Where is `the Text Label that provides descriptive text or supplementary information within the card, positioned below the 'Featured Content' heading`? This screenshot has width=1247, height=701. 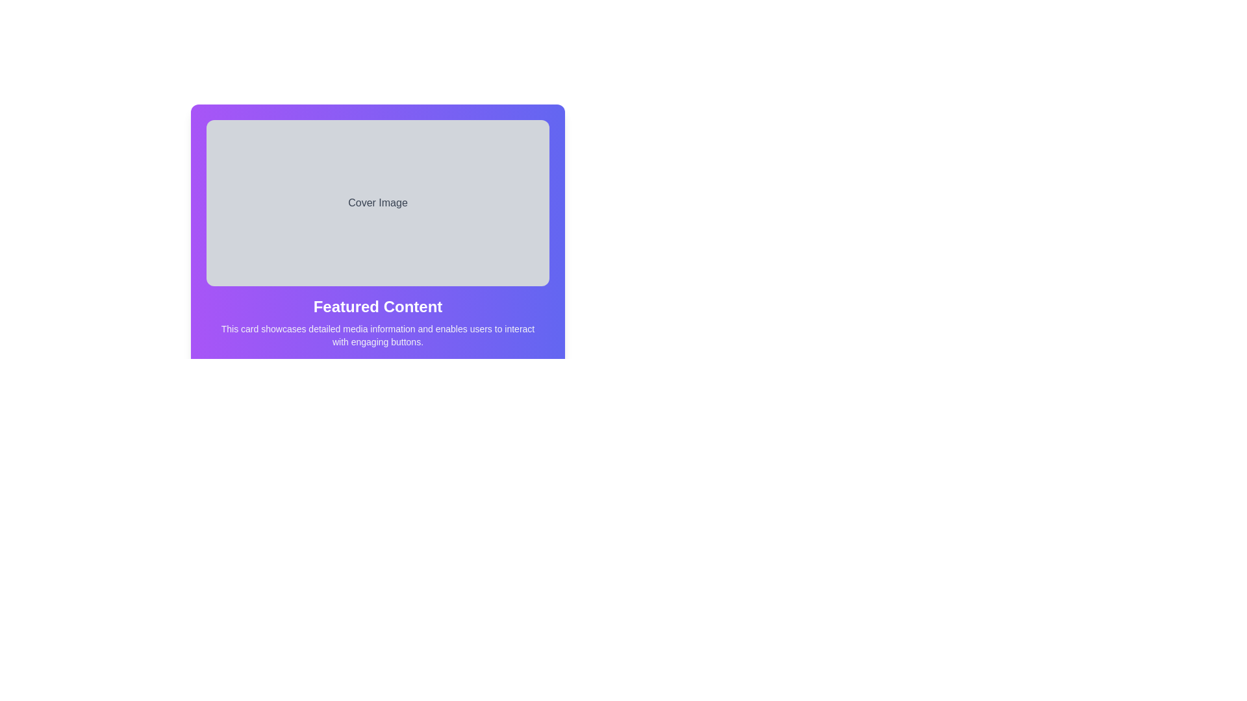
the Text Label that provides descriptive text or supplementary information within the card, positioned below the 'Featured Content' heading is located at coordinates (377, 334).